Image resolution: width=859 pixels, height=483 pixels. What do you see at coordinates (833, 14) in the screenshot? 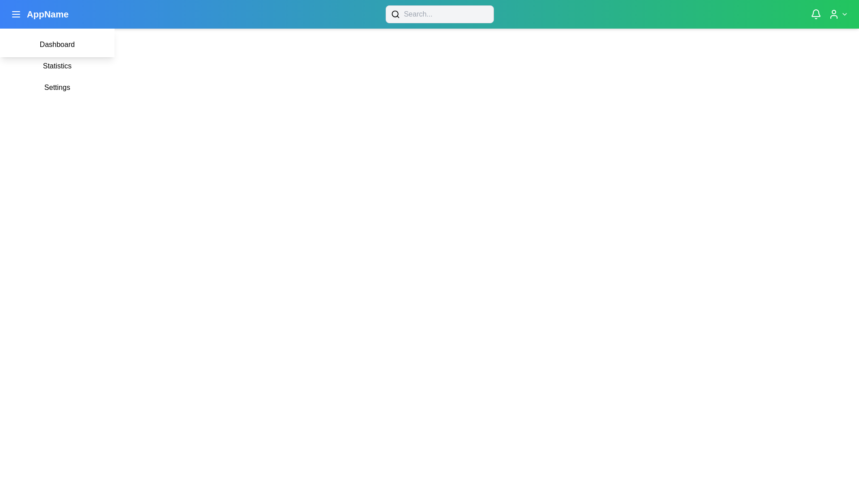
I see `the user profile icon located at the top-right corner of the interface` at bounding box center [833, 14].